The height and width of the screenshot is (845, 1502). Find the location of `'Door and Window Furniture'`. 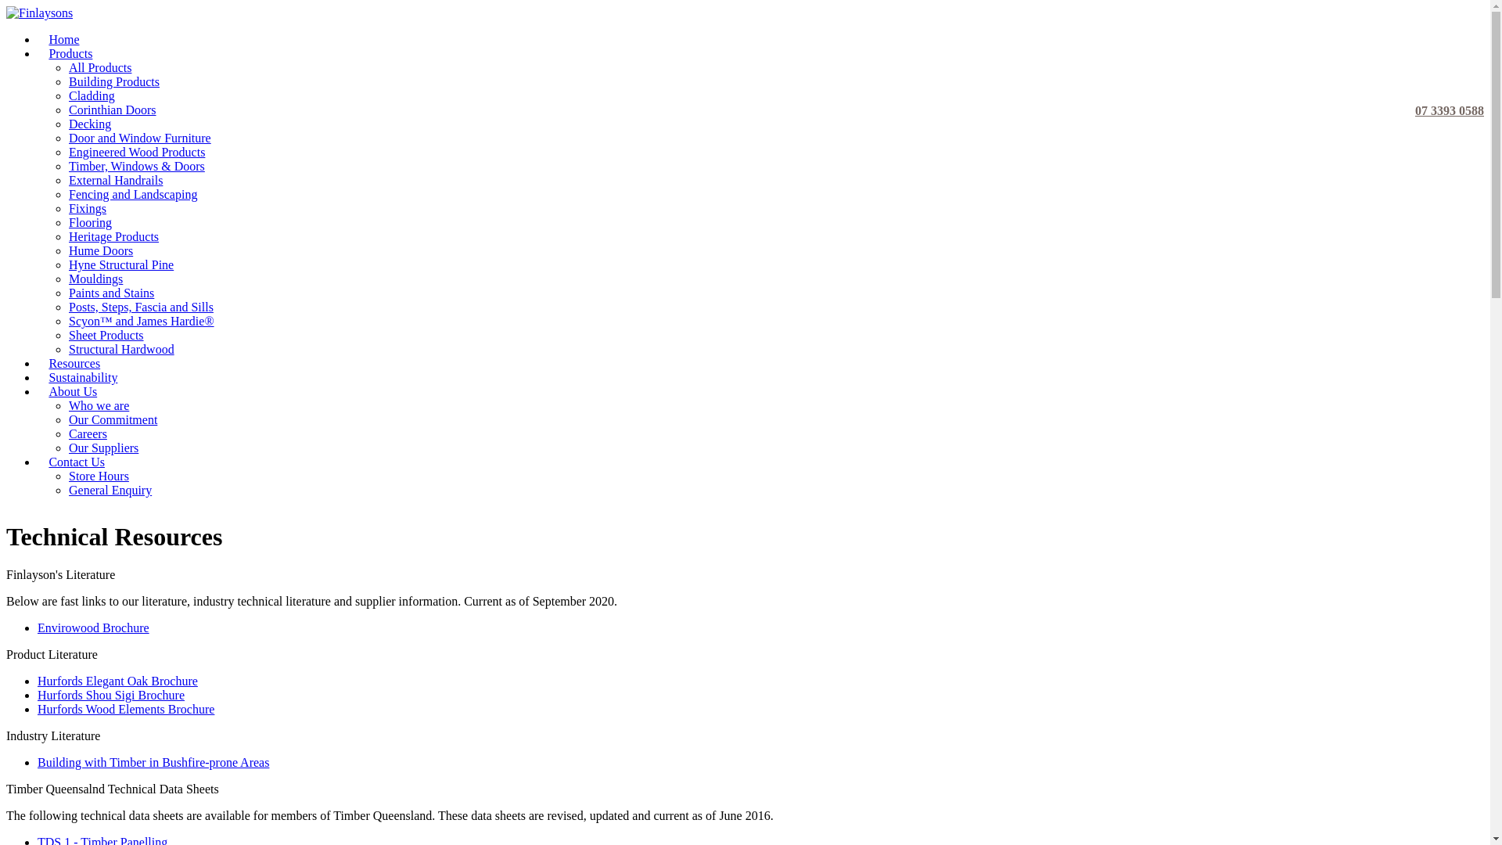

'Door and Window Furniture' is located at coordinates (139, 137).